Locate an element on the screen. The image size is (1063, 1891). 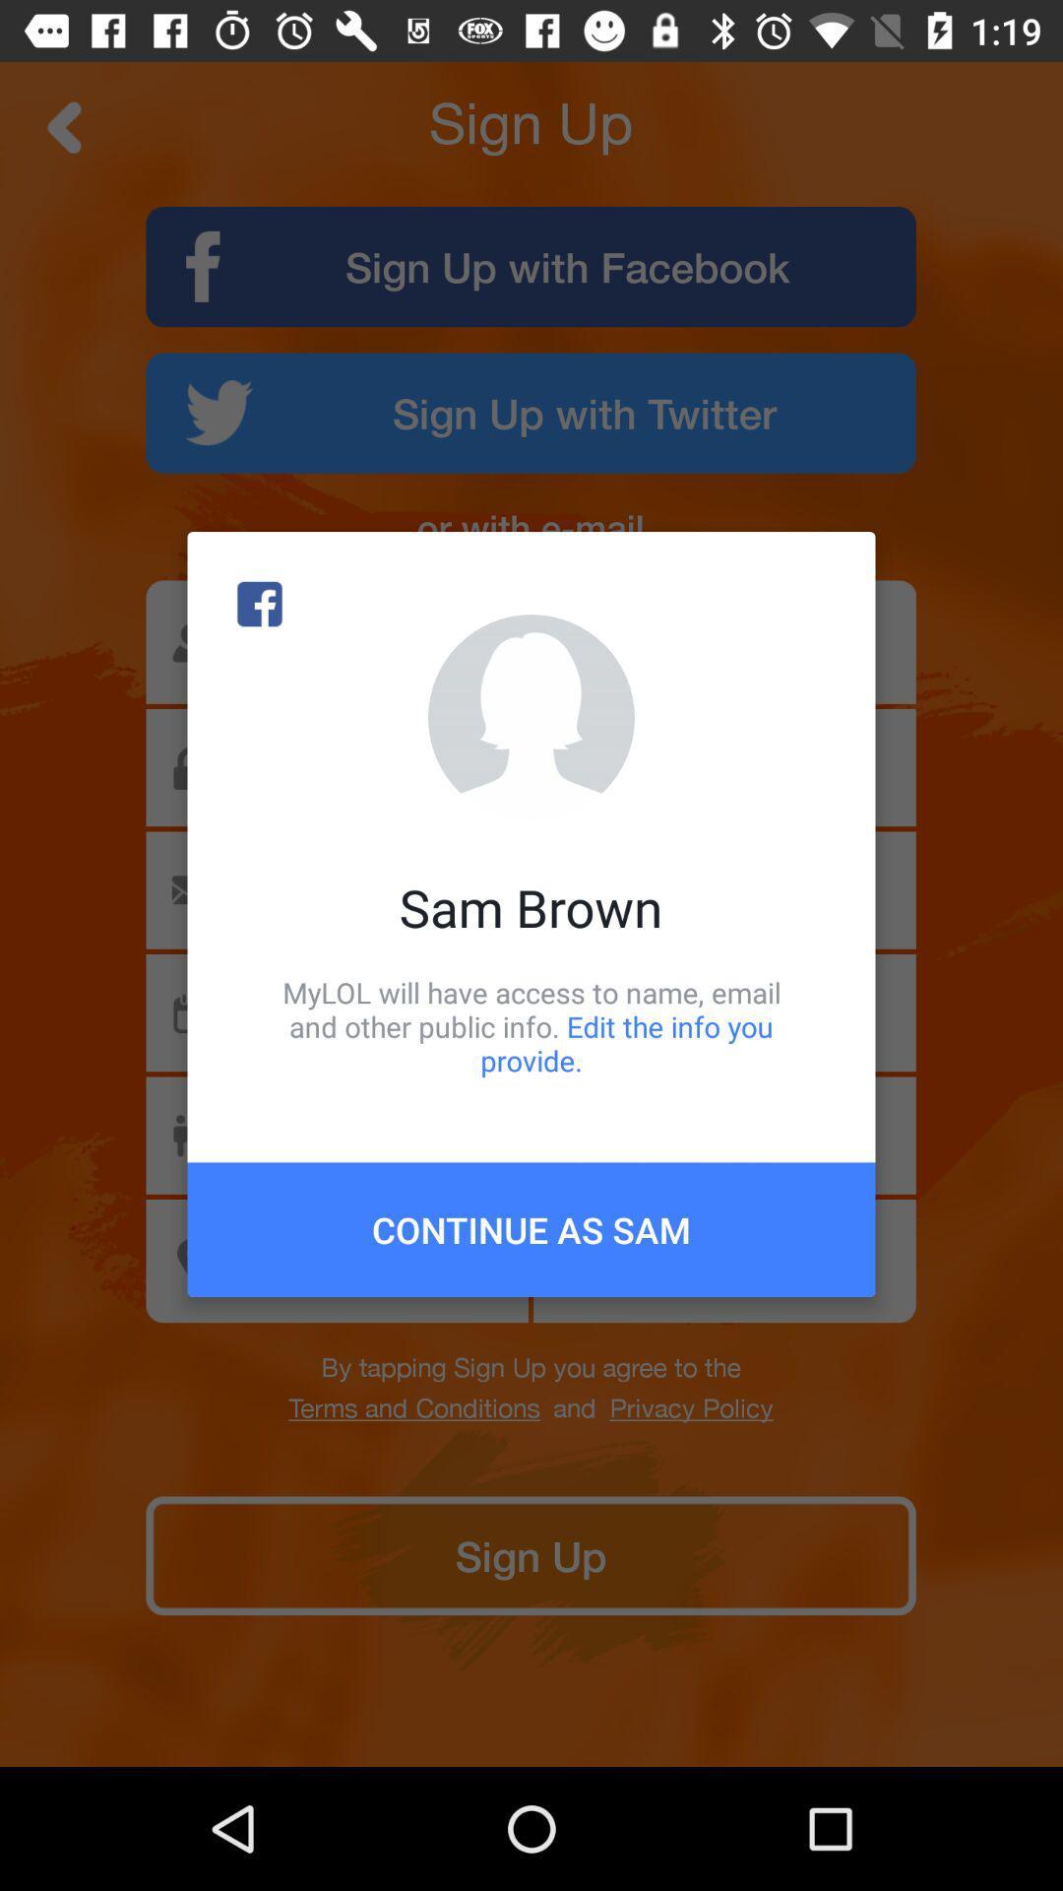
the continue as sam is located at coordinates (531, 1228).